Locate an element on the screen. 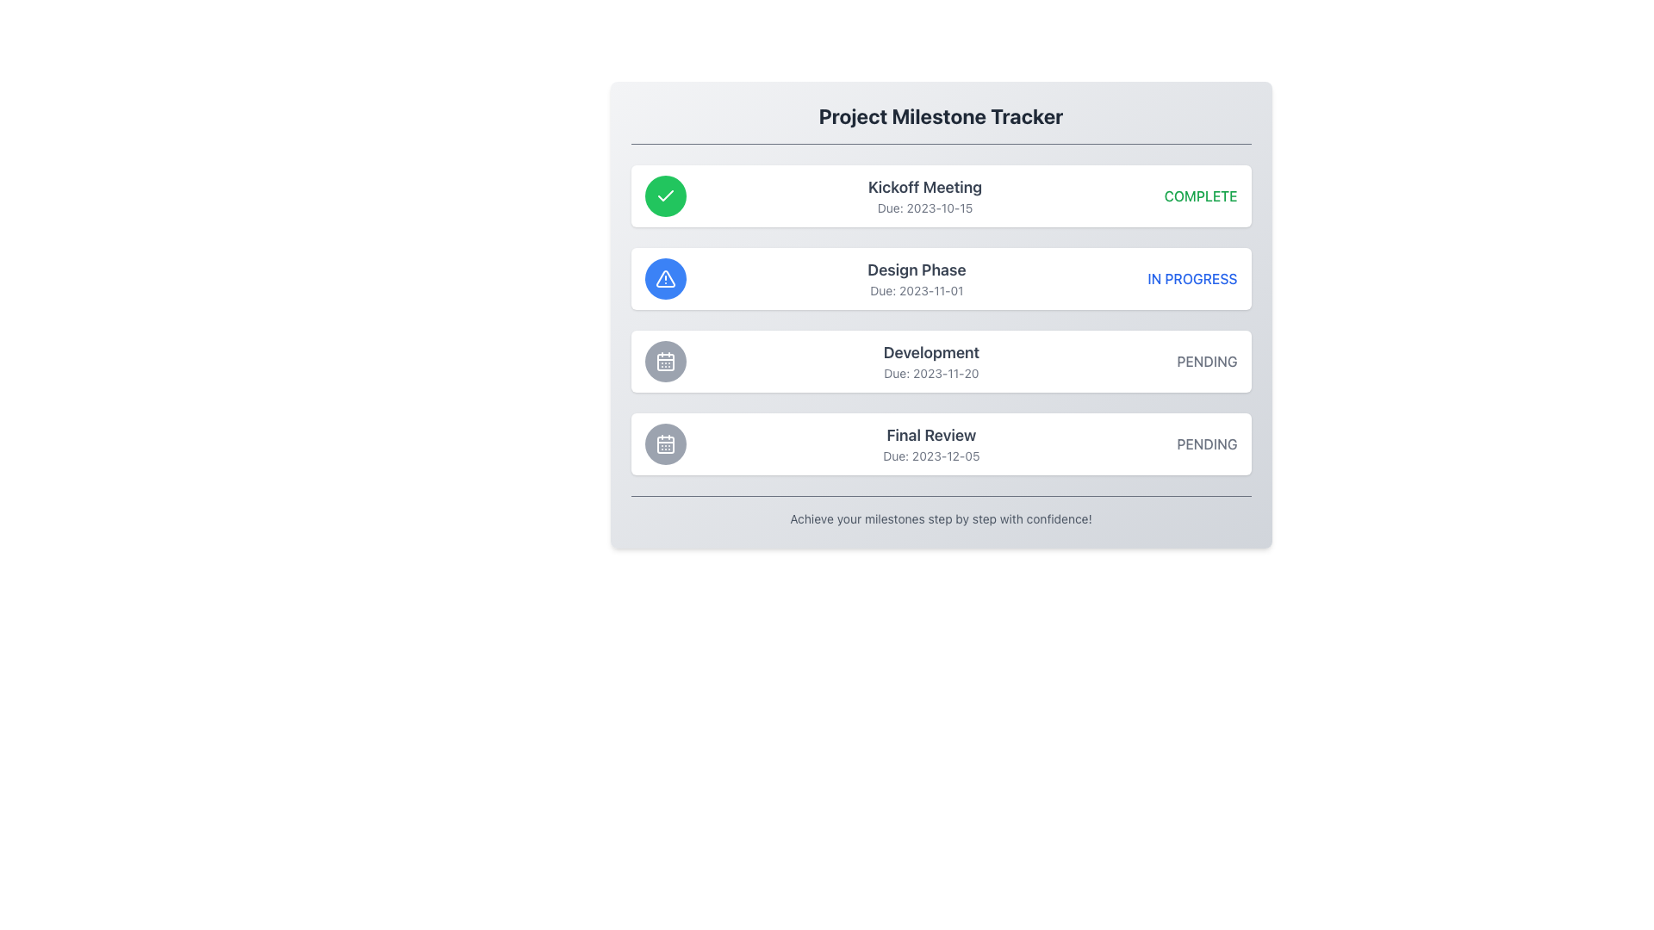  the text label displaying 'PENDING', which is located to the right of the 'Development' milestone and its due date, within the same row is located at coordinates (1206, 361).